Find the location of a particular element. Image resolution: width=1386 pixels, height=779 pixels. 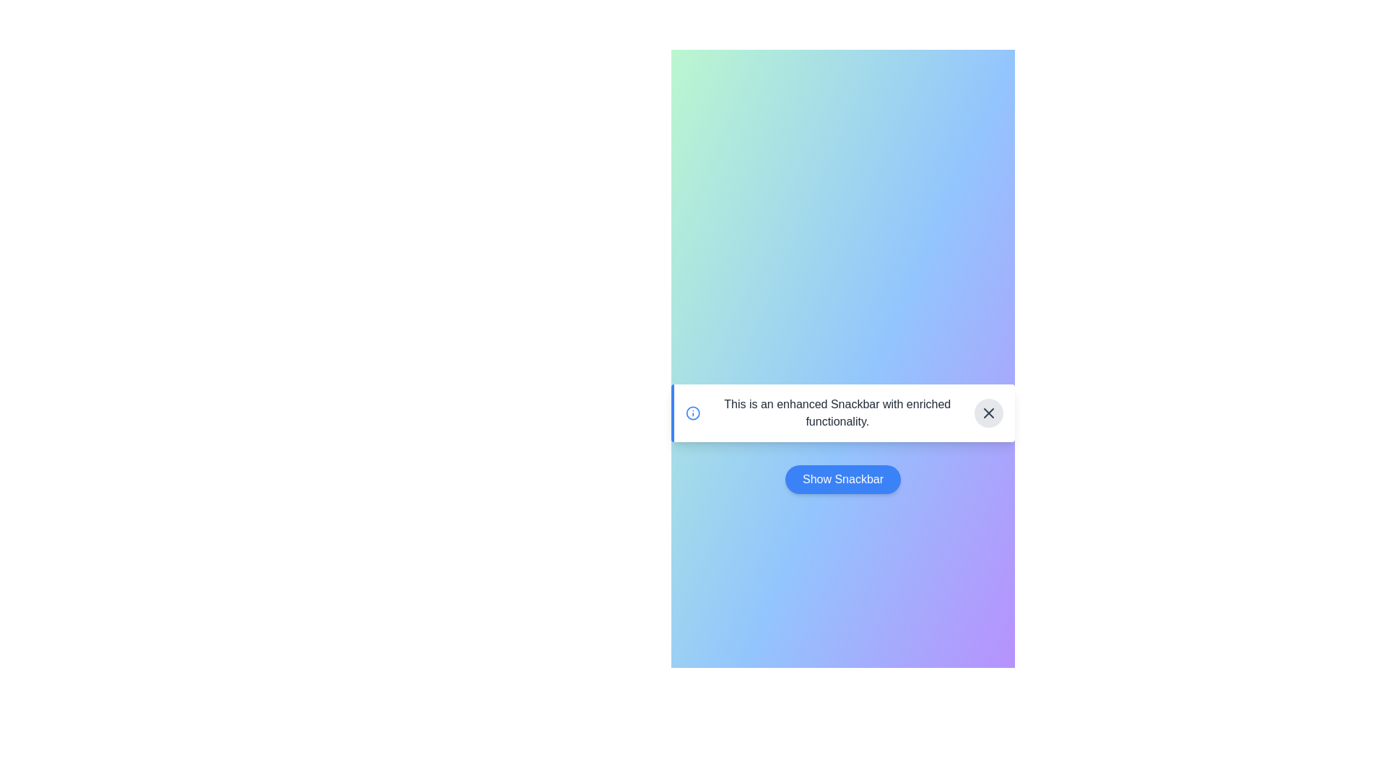

the visual information of the informational icon located on the left side of the notification banner is located at coordinates (693, 413).